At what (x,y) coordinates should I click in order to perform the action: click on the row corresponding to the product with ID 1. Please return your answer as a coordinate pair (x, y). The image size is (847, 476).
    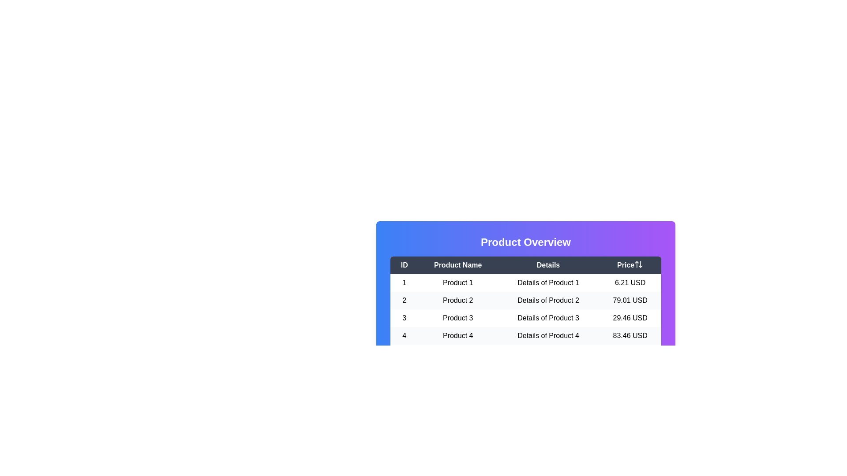
    Looking at the image, I should click on (525, 283).